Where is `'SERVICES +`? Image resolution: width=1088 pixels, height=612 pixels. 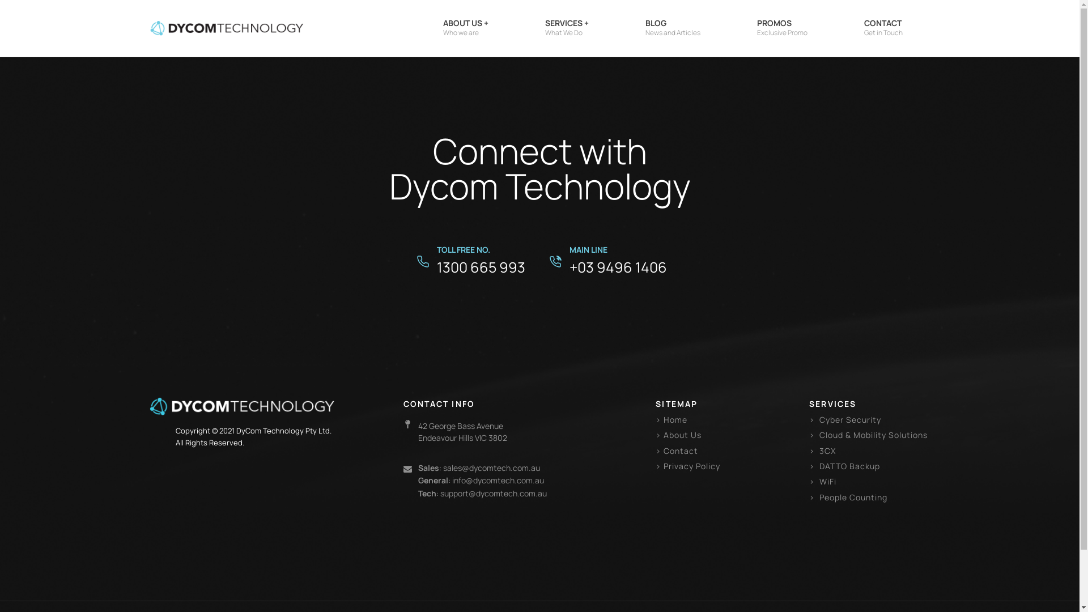 'SERVICES + is located at coordinates (567, 28).